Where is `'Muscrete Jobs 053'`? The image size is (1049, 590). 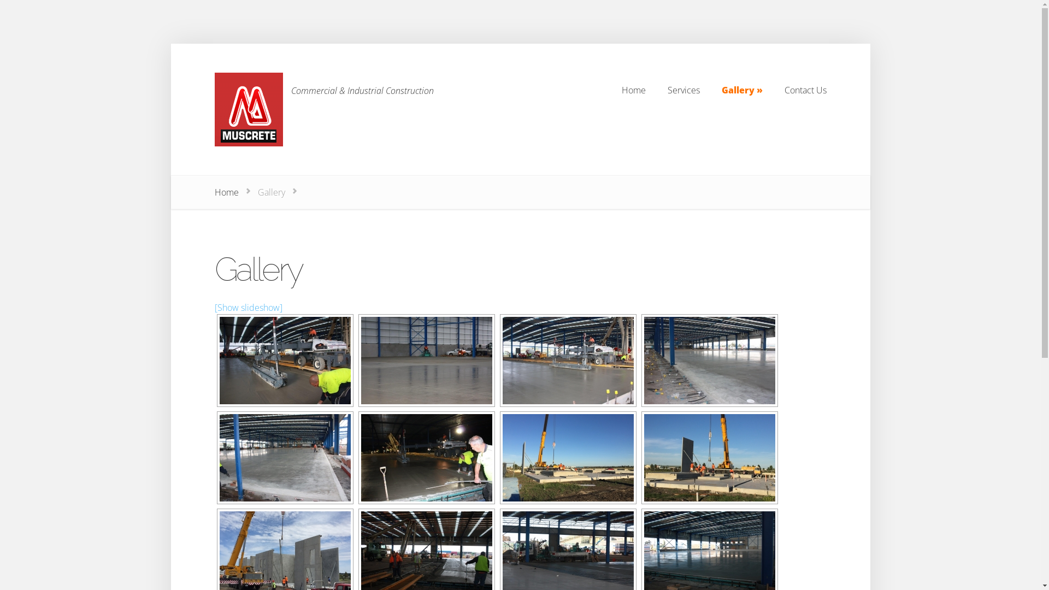
'Muscrete Jobs 053' is located at coordinates (426, 457).